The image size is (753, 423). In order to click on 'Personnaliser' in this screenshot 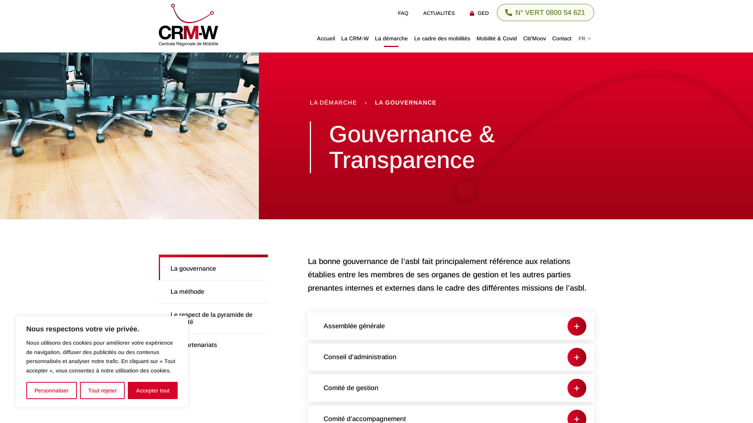, I will do `click(51, 390)`.